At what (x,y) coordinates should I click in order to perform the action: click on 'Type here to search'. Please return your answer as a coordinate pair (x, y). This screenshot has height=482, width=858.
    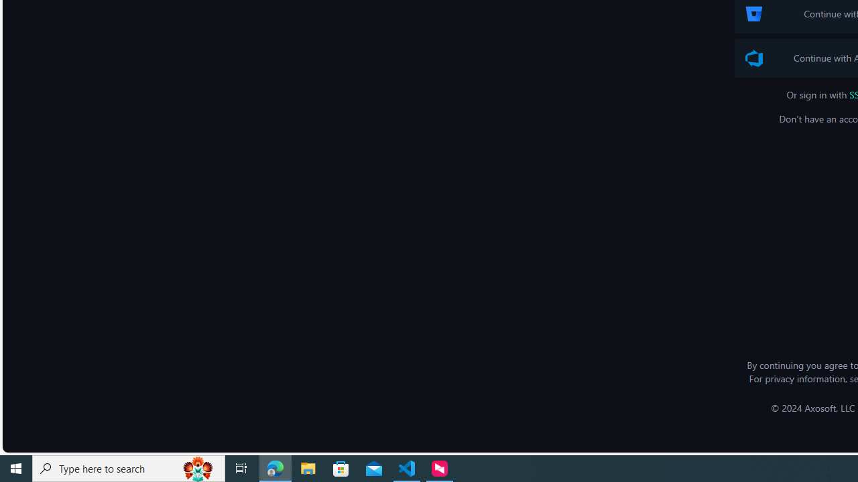
    Looking at the image, I should click on (129, 467).